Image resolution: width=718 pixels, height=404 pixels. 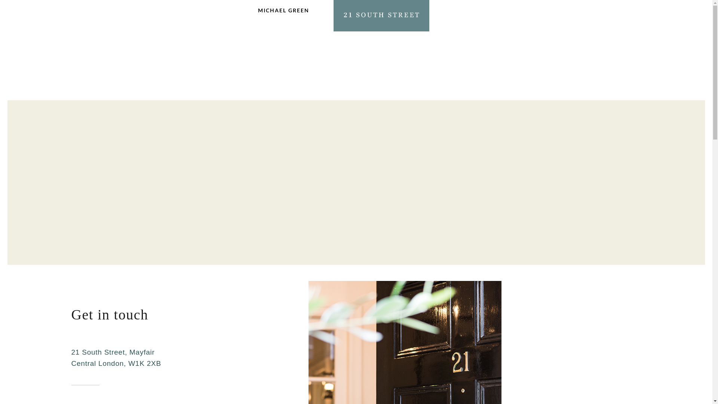 I want to click on 'MICHAEL GREEN', so click(x=283, y=14).